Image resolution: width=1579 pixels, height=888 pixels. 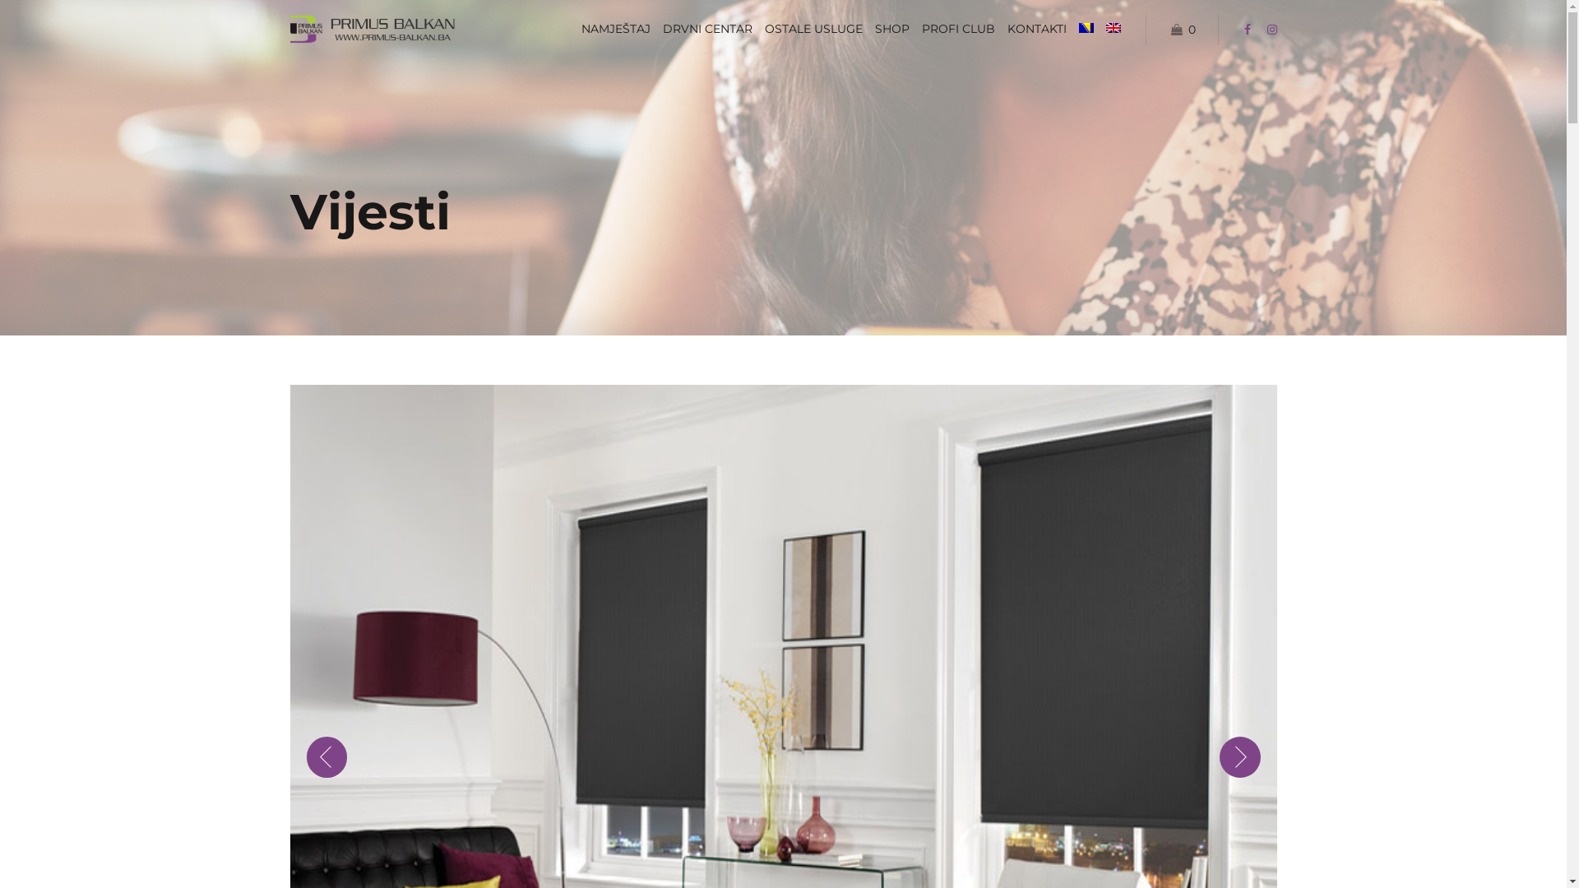 What do you see at coordinates (958, 28) in the screenshot?
I see `'PROFI CLUB'` at bounding box center [958, 28].